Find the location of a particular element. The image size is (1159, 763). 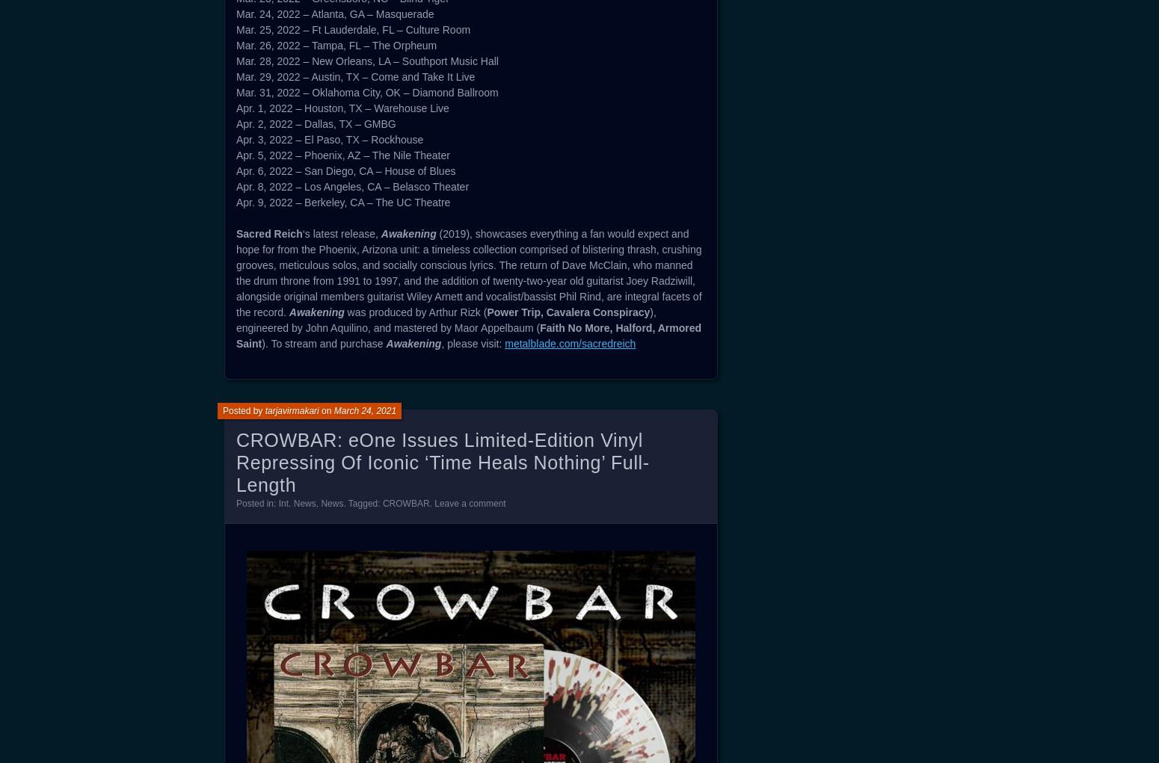

'Sacred Reich' is located at coordinates (268, 234).